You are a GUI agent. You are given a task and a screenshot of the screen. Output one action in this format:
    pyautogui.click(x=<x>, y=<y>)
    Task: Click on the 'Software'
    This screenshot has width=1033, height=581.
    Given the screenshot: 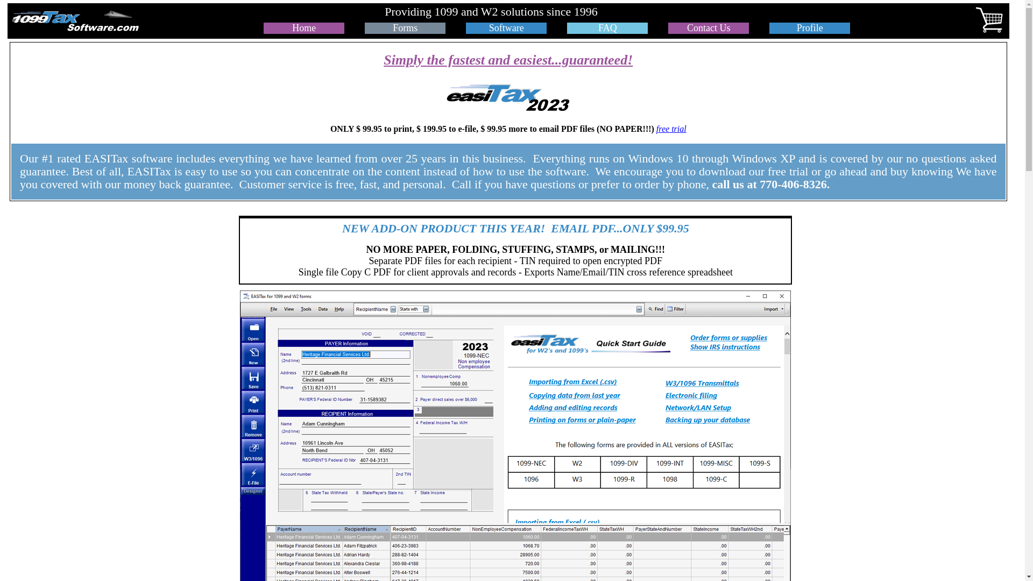 What is the action you would take?
    pyautogui.click(x=506, y=27)
    